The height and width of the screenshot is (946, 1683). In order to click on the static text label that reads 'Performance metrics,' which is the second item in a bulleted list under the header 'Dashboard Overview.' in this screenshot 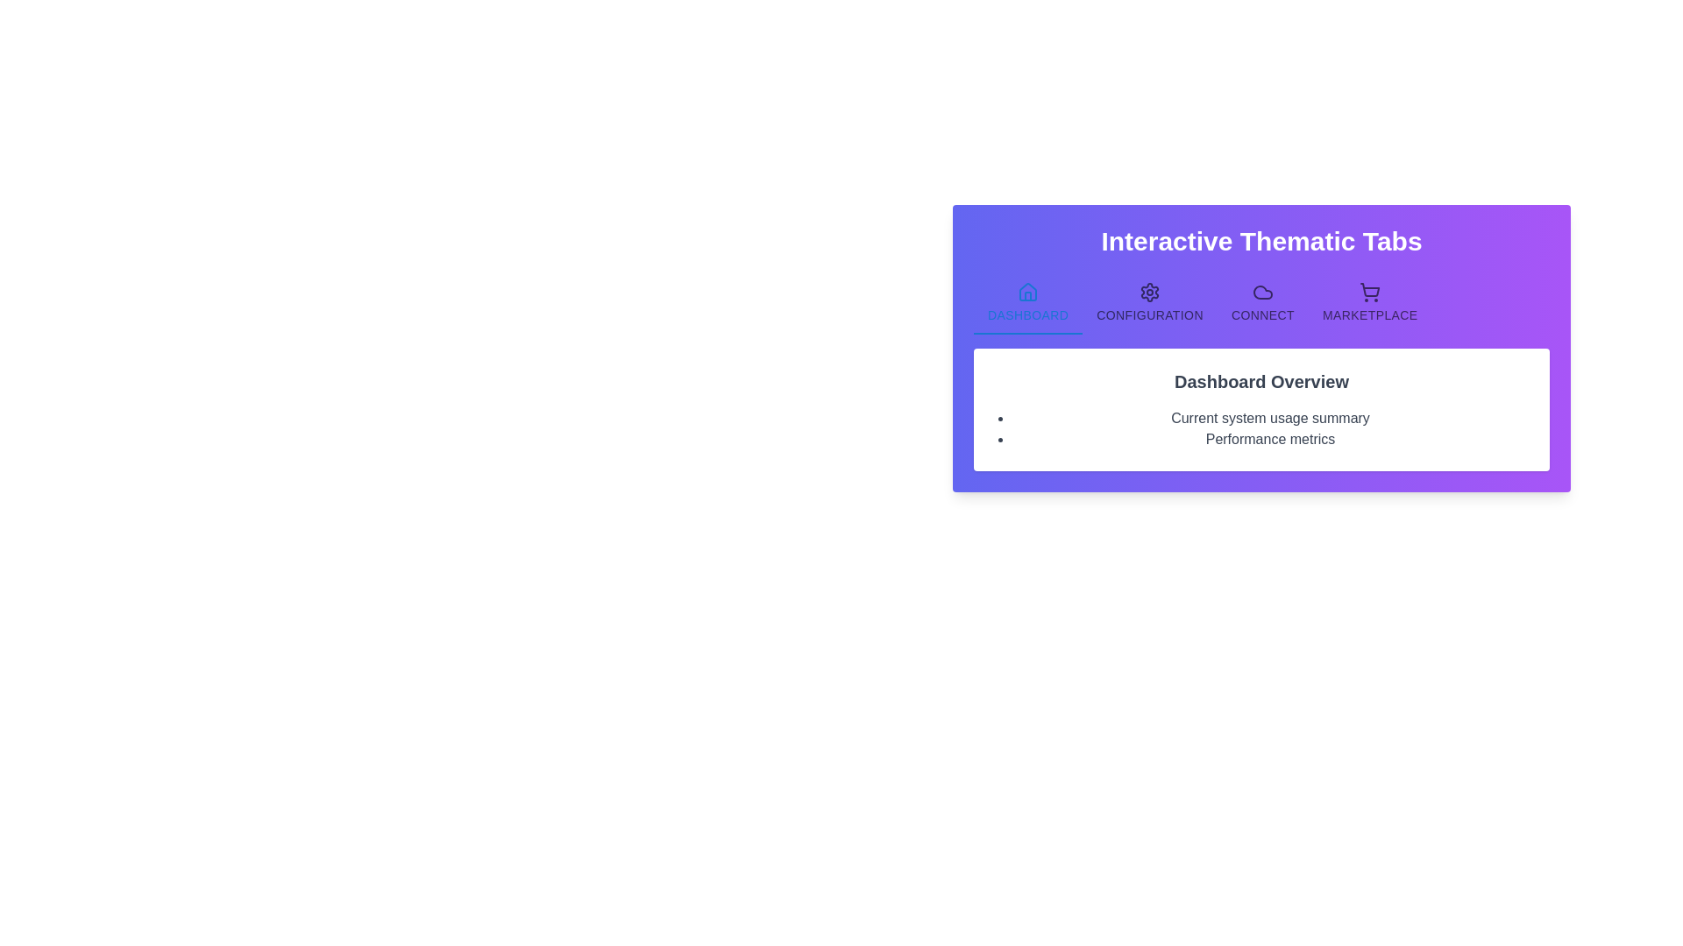, I will do `click(1270, 438)`.